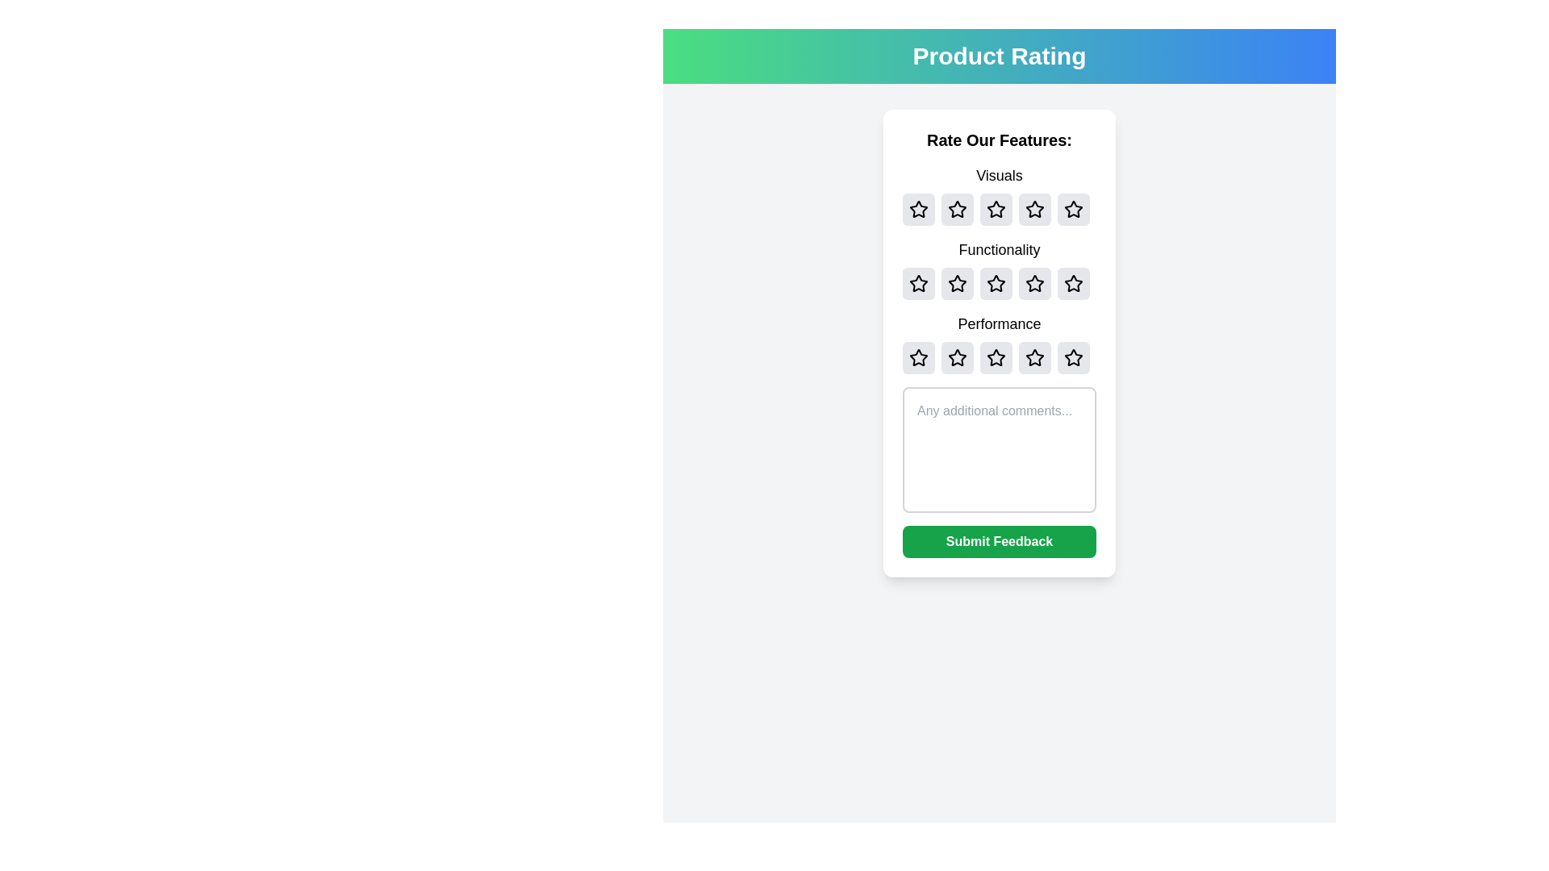 This screenshot has width=1549, height=871. What do you see at coordinates (998, 342) in the screenshot?
I see `the Rating component` at bounding box center [998, 342].